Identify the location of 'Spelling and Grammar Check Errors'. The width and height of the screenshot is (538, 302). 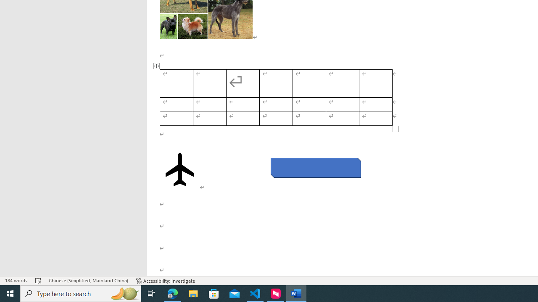
(38, 281).